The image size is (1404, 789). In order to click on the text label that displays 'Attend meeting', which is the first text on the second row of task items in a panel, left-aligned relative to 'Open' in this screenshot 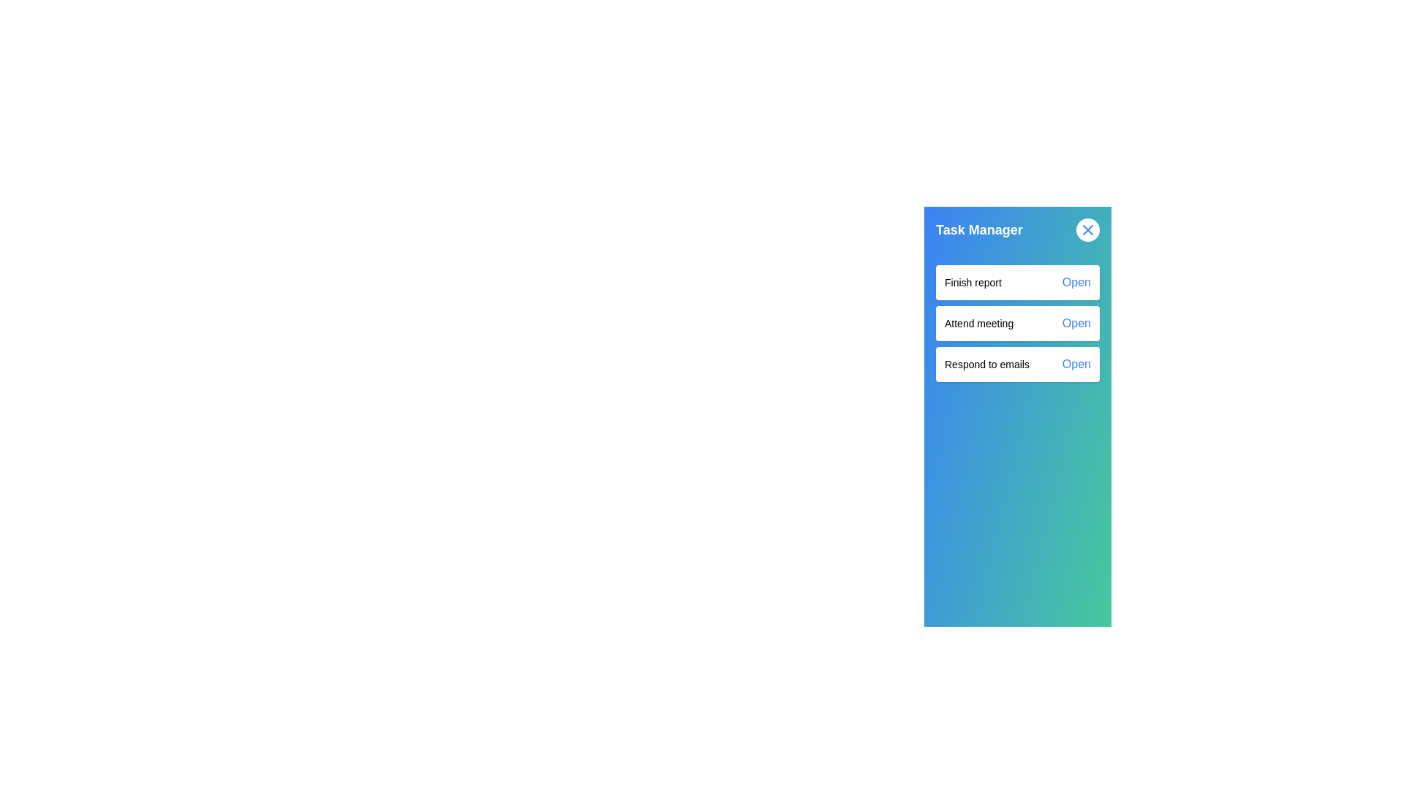, I will do `click(979, 323)`.